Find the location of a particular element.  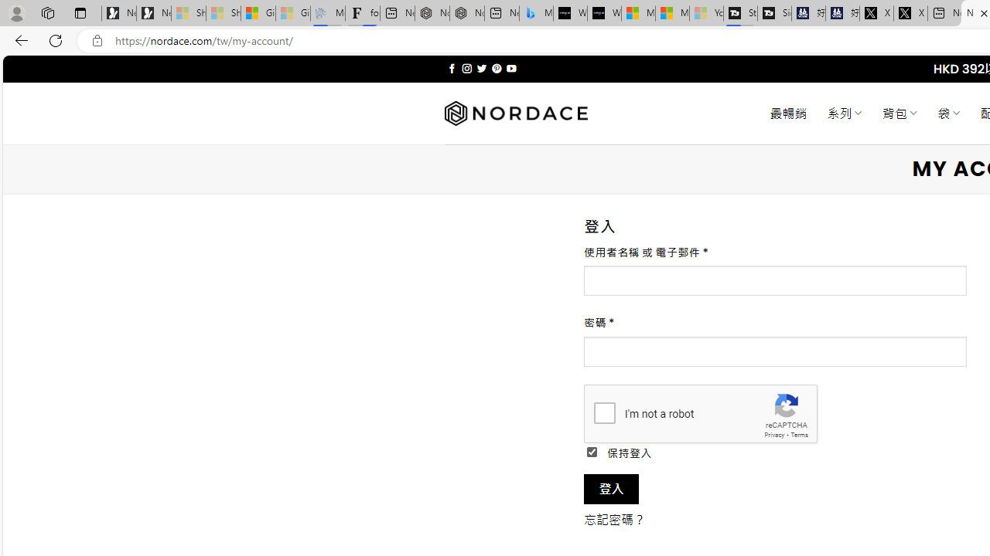

'Privacy' is located at coordinates (774, 435).